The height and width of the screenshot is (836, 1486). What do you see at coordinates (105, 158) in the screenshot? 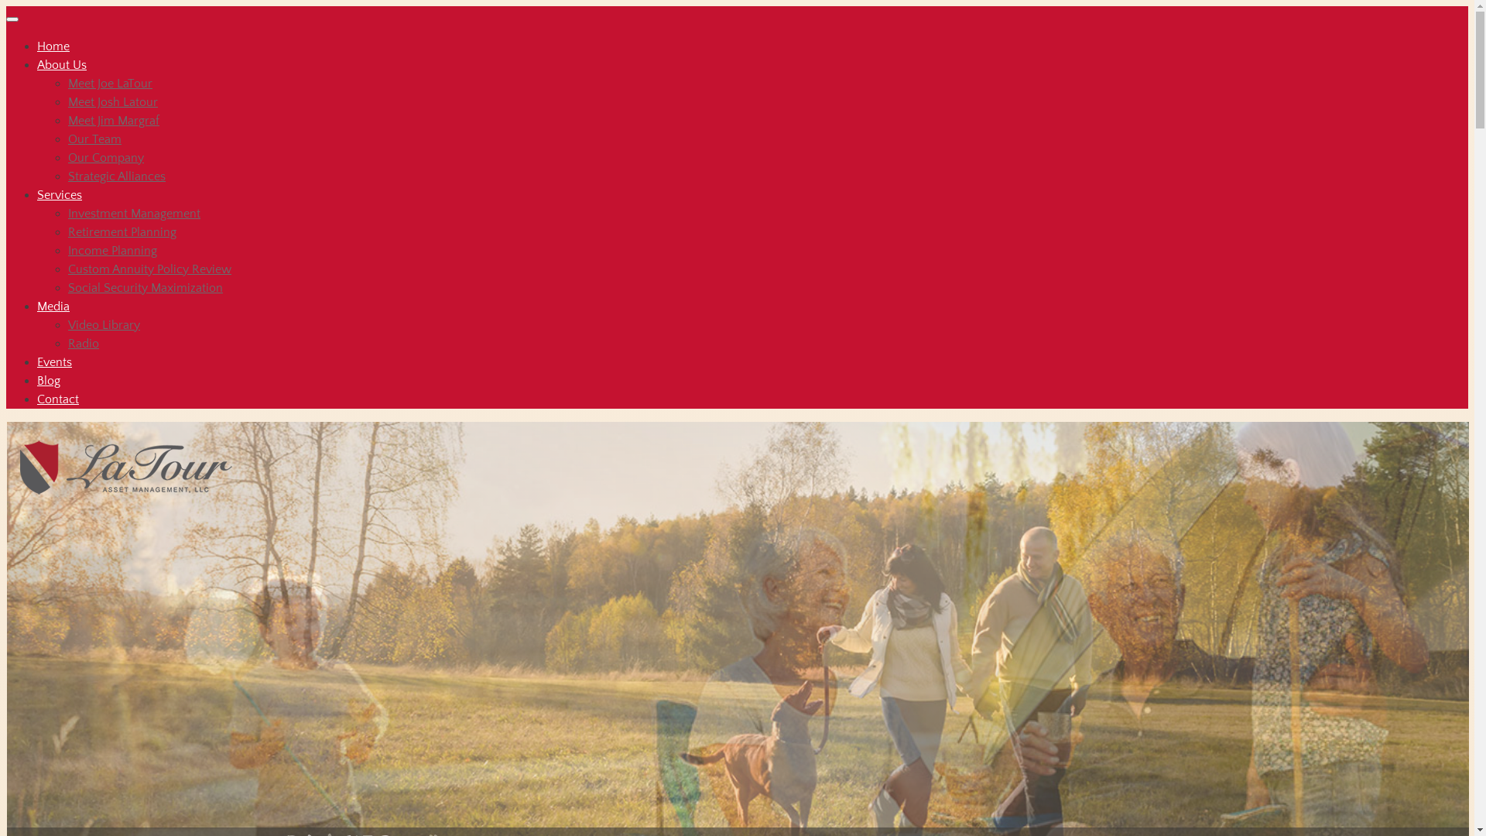
I see `'Our Company'` at bounding box center [105, 158].